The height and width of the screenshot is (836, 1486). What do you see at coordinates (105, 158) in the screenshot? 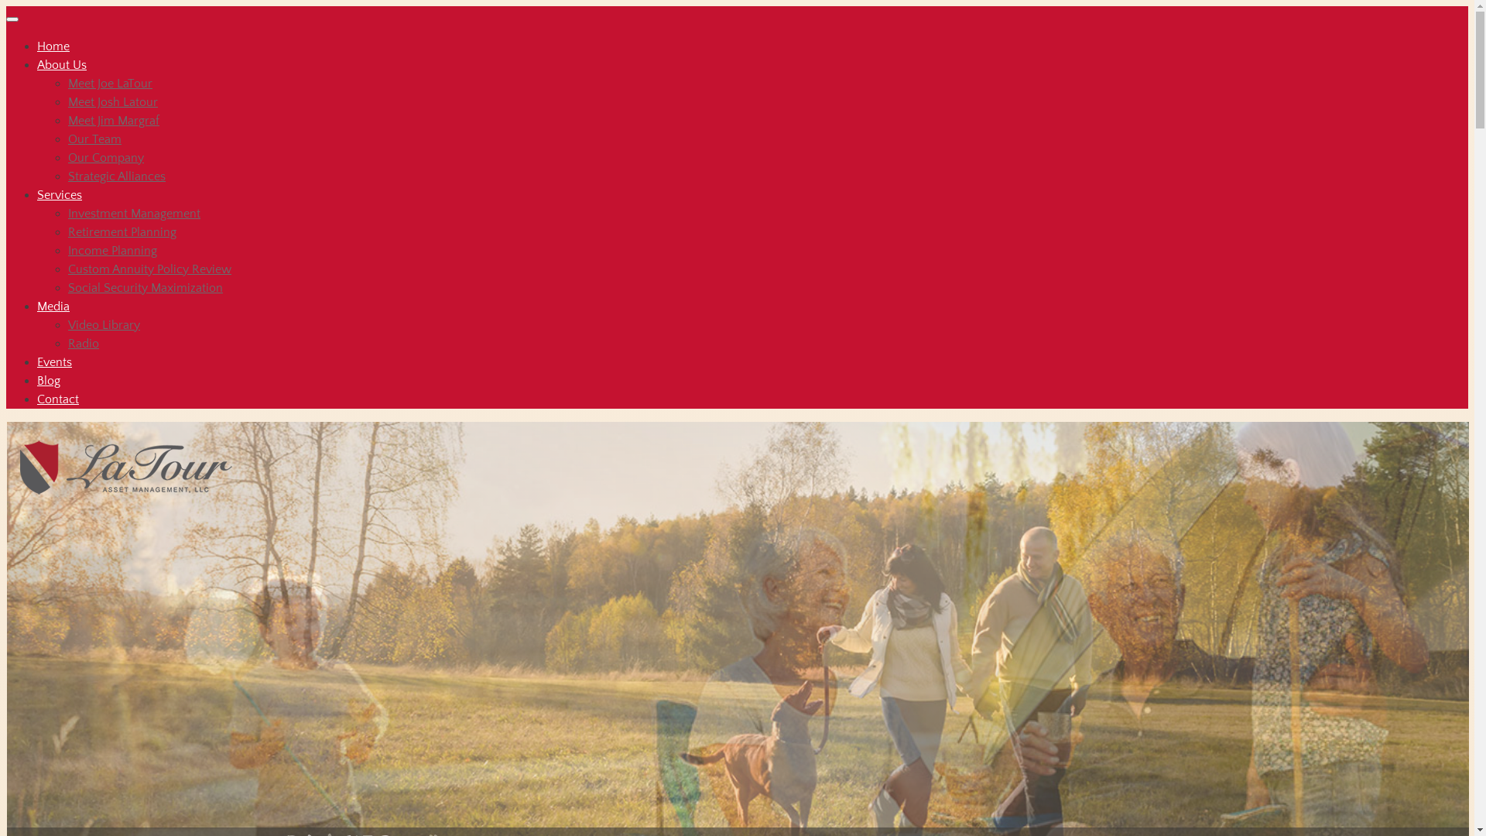
I see `'Our Company'` at bounding box center [105, 158].